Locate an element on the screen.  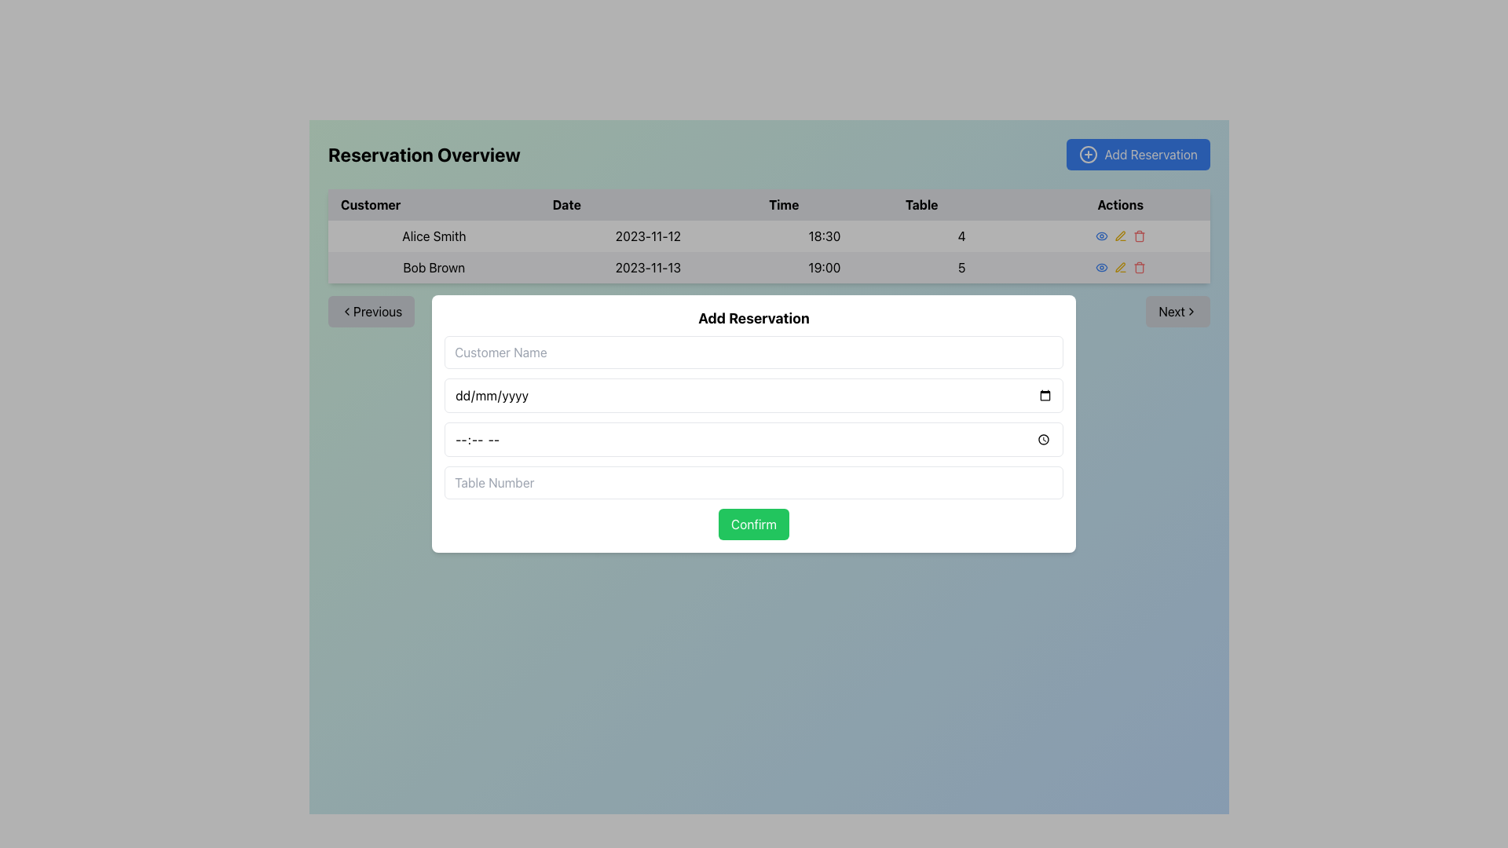
the text element displaying the customer's name in the reservation overview table, located in the first cell of the second row under the 'Customer' heading is located at coordinates (434, 266).